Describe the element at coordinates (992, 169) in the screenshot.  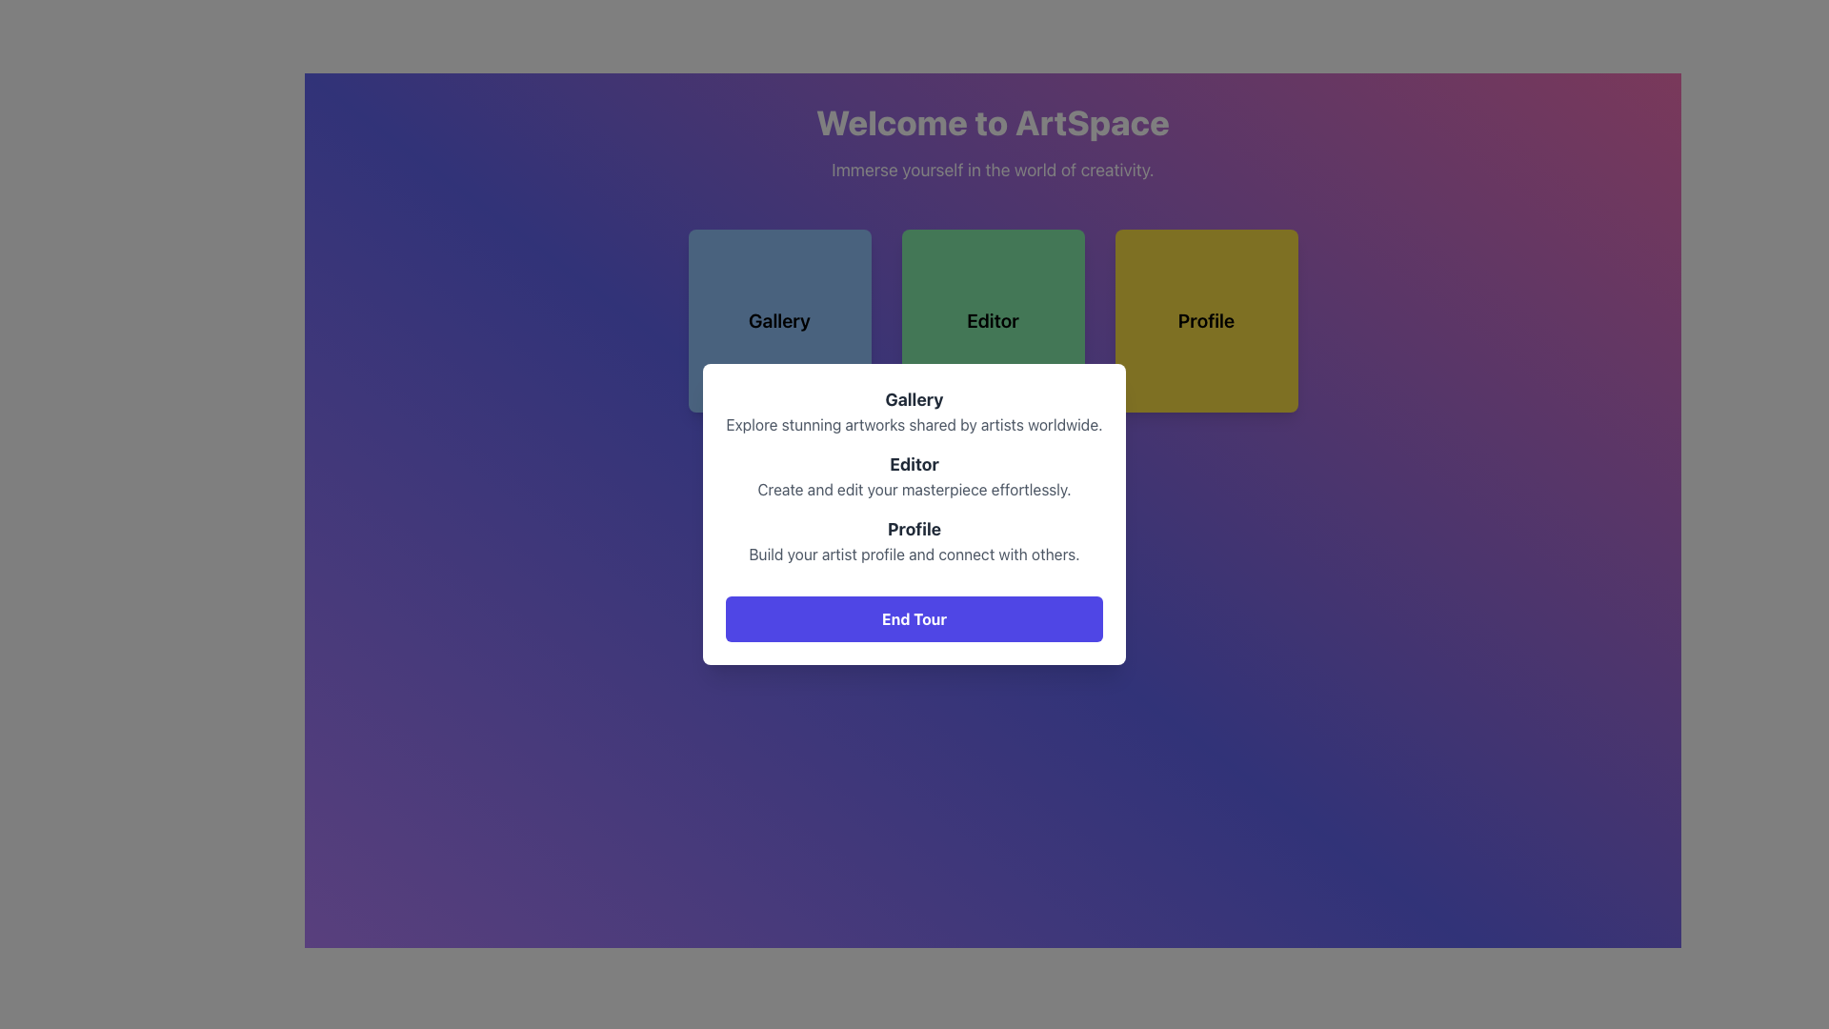
I see `the descriptive subheading text element located just below the heading 'Welcome to ArtSpace', which provides motivational context for the surrounding interface elements` at that location.